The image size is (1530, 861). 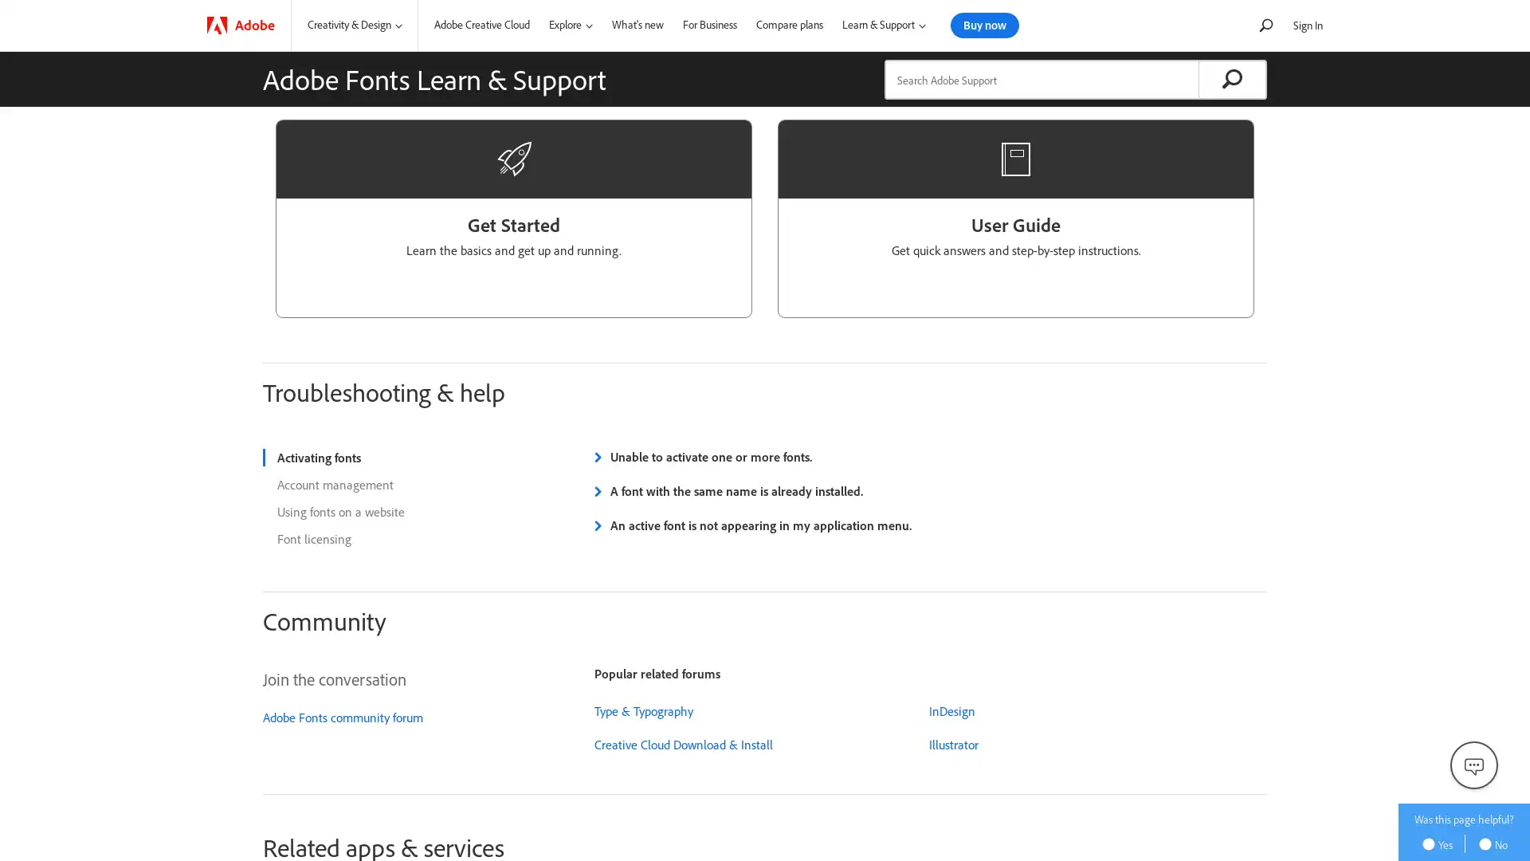 I want to click on Using fonts on a website, so click(x=398, y=511).